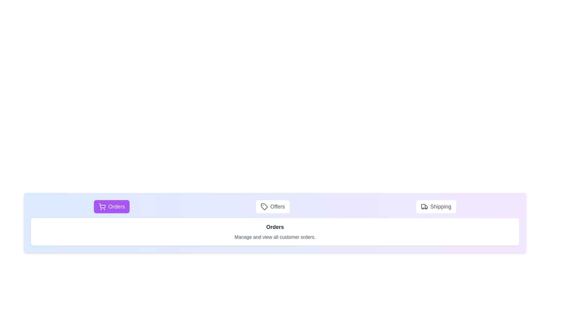 This screenshot has width=576, height=324. I want to click on the Orders tab to observe the hover effect, so click(112, 206).